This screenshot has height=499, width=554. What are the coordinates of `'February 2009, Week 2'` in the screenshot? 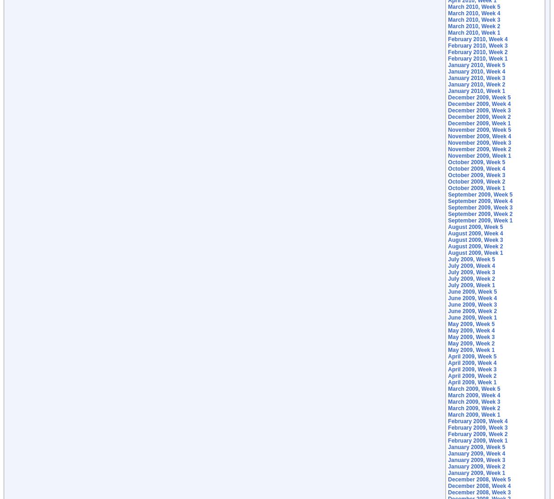 It's located at (477, 434).